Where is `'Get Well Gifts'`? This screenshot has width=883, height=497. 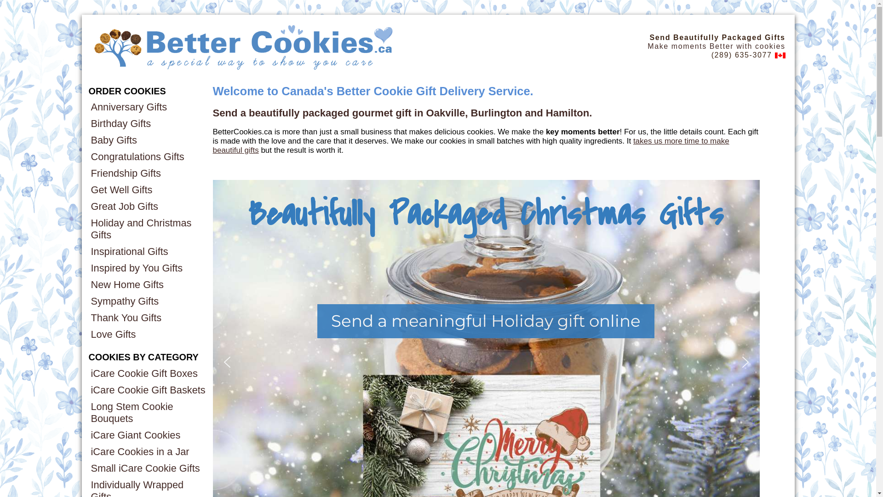 'Get Well Gifts' is located at coordinates (148, 189).